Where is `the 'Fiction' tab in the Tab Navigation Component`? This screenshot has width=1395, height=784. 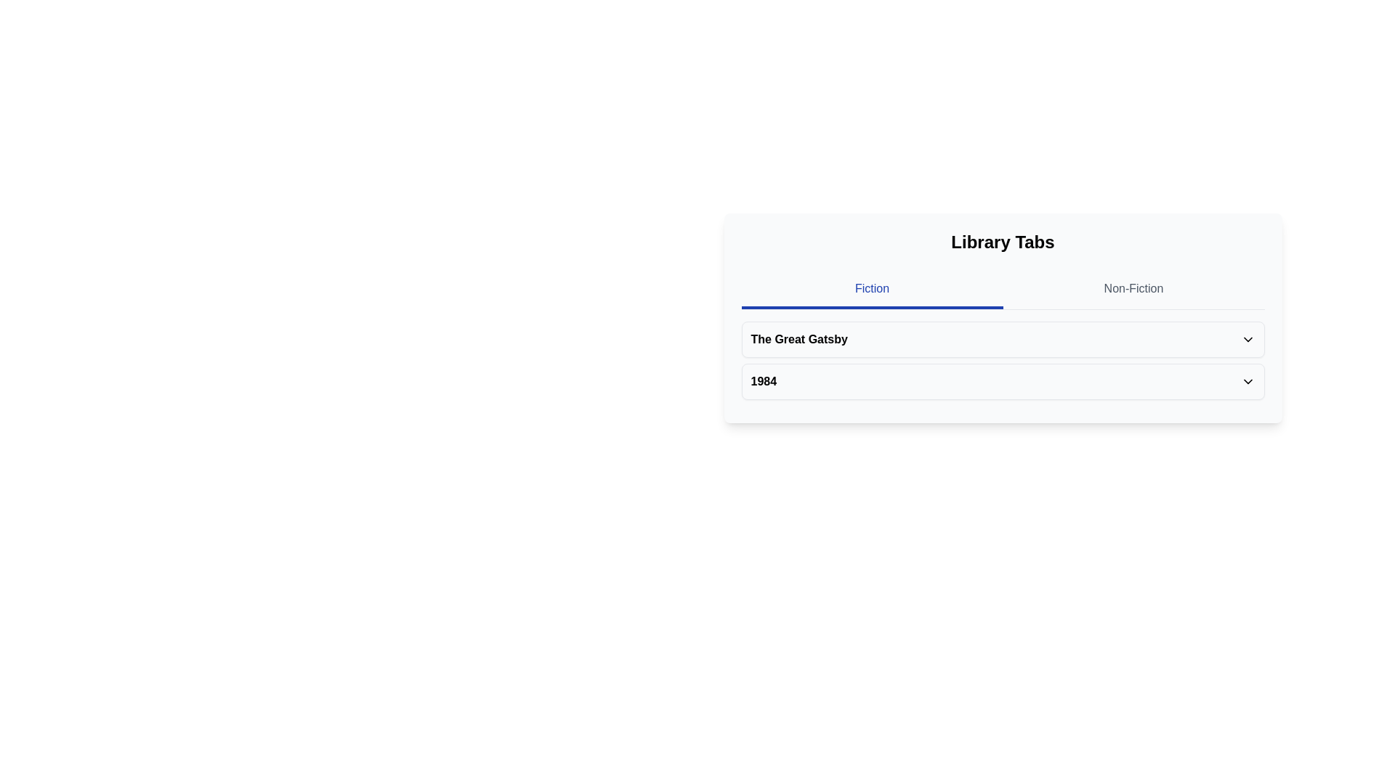 the 'Fiction' tab in the Tab Navigation Component is located at coordinates (1002, 290).